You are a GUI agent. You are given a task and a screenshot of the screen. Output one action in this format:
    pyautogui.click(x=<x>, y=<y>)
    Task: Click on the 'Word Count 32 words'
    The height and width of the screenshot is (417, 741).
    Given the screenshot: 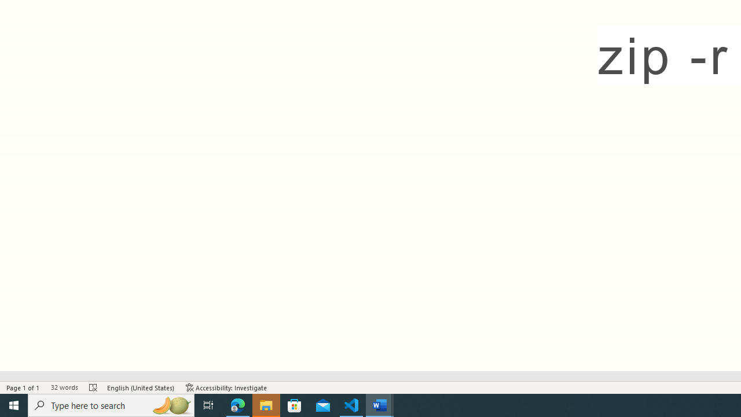 What is the action you would take?
    pyautogui.click(x=64, y=387)
    